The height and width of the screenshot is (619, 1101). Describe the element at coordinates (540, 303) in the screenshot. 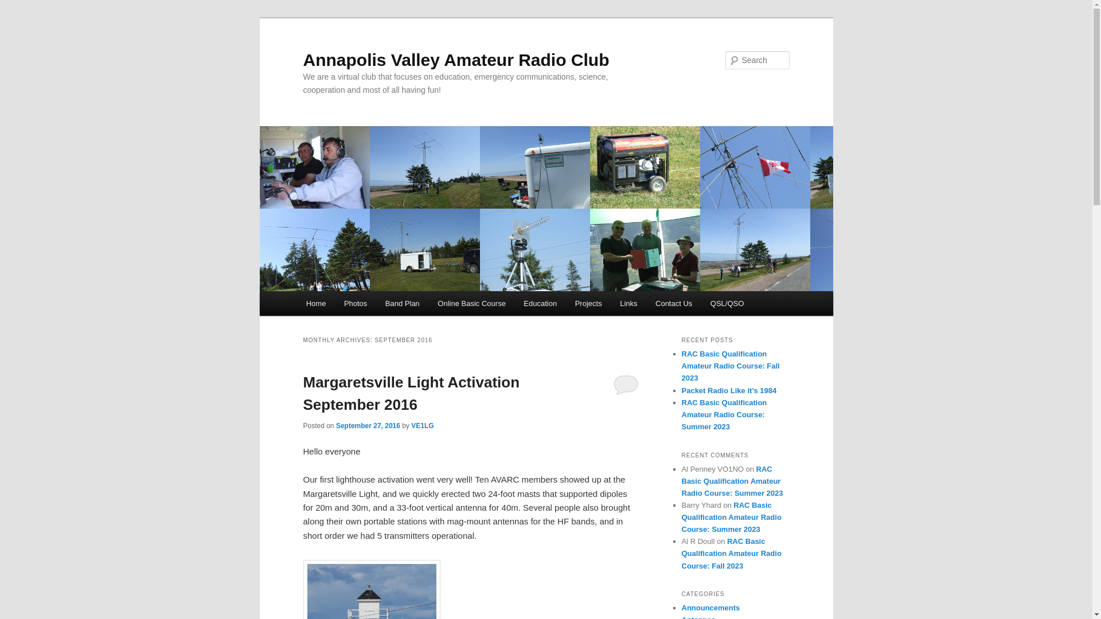

I see `'Education'` at that location.